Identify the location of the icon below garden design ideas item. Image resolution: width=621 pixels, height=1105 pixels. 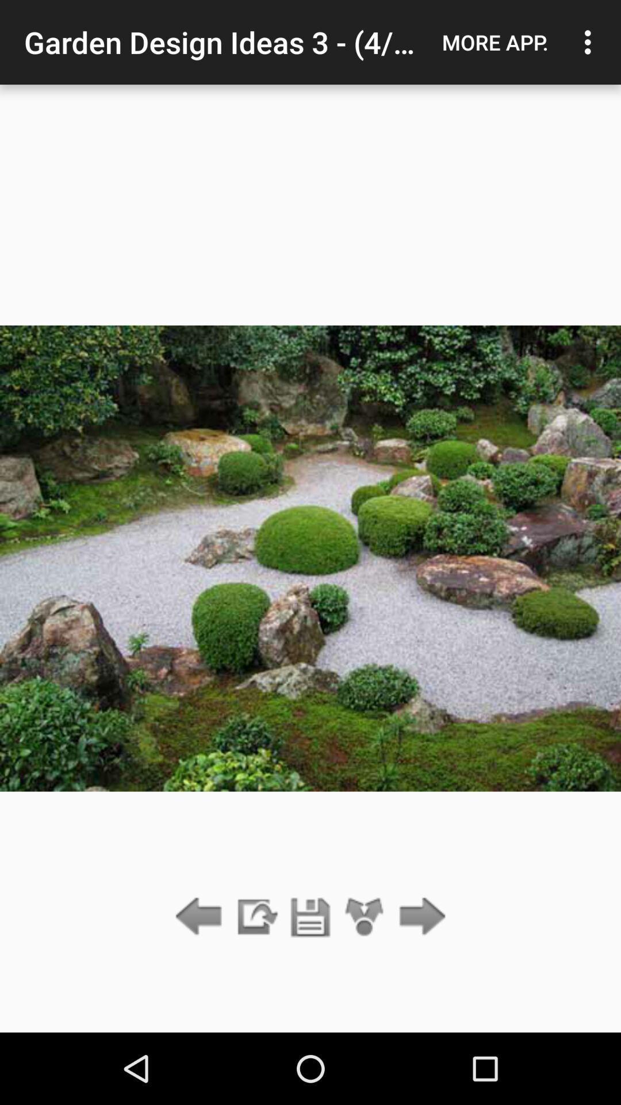
(310, 917).